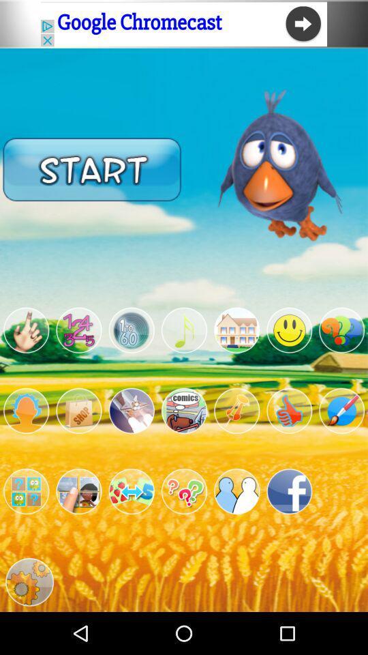  What do you see at coordinates (288, 410) in the screenshot?
I see `like` at bounding box center [288, 410].